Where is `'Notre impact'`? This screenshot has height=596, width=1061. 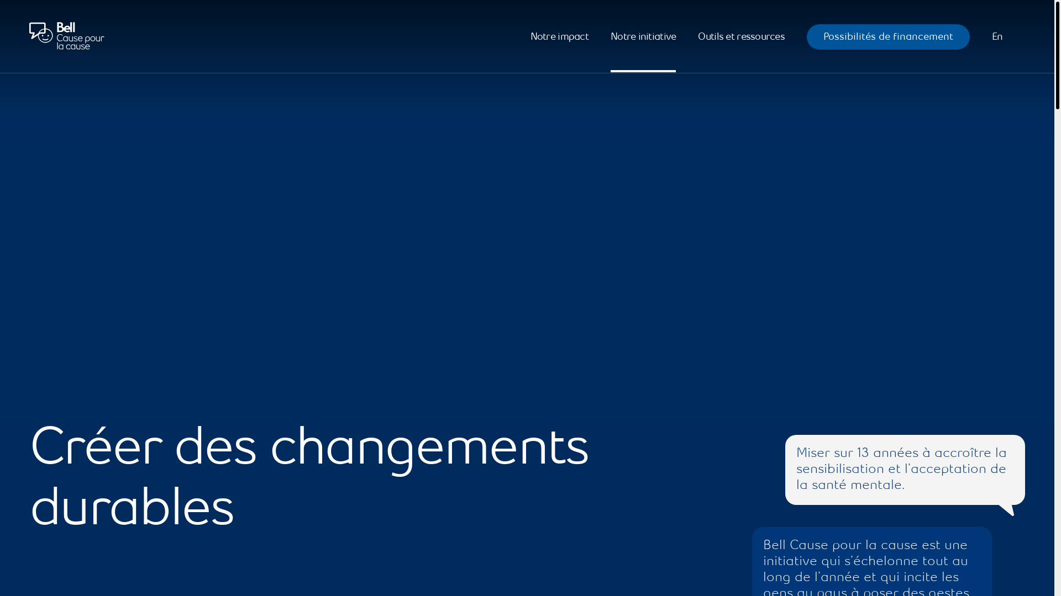
'Notre impact' is located at coordinates (559, 36).